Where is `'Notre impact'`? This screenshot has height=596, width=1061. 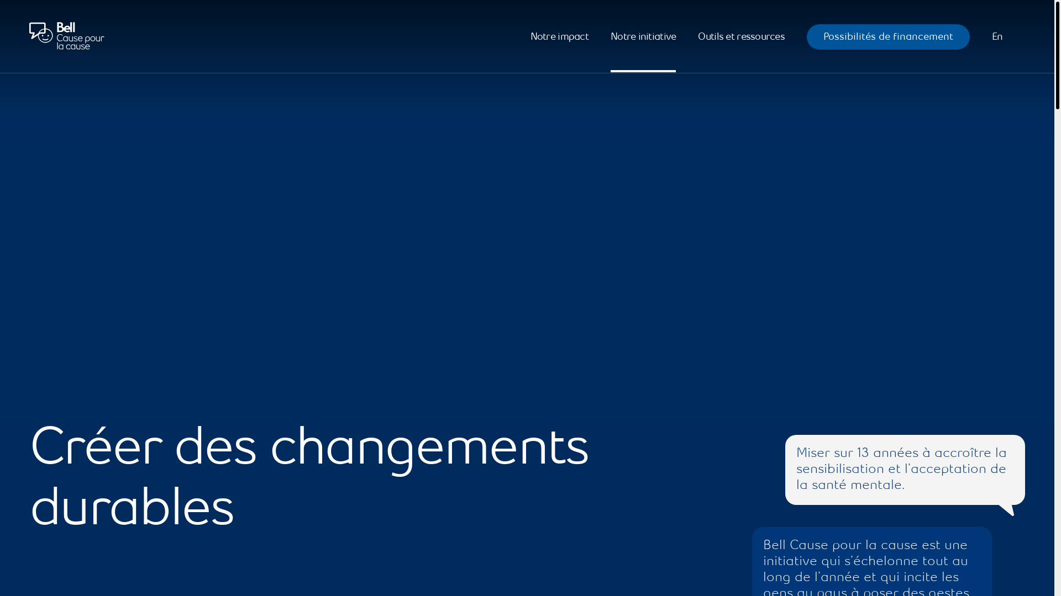
'Notre impact' is located at coordinates (559, 36).